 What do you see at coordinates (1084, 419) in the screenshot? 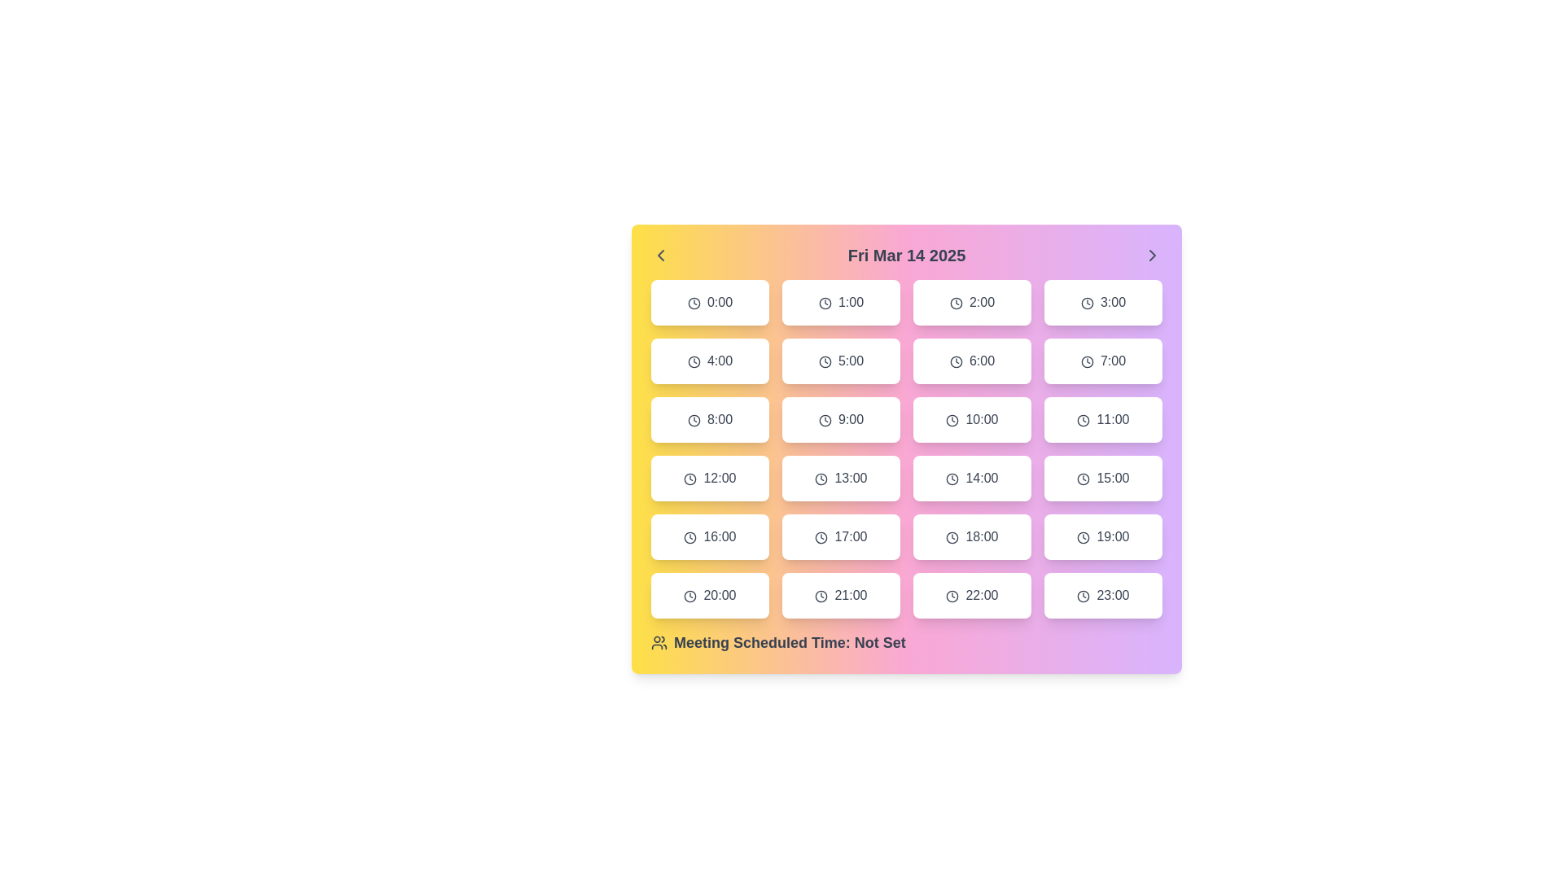
I see `the Clock Icon that visually represents the time '11:00' in the grid, which is aligned to the left of the displayed time` at bounding box center [1084, 419].